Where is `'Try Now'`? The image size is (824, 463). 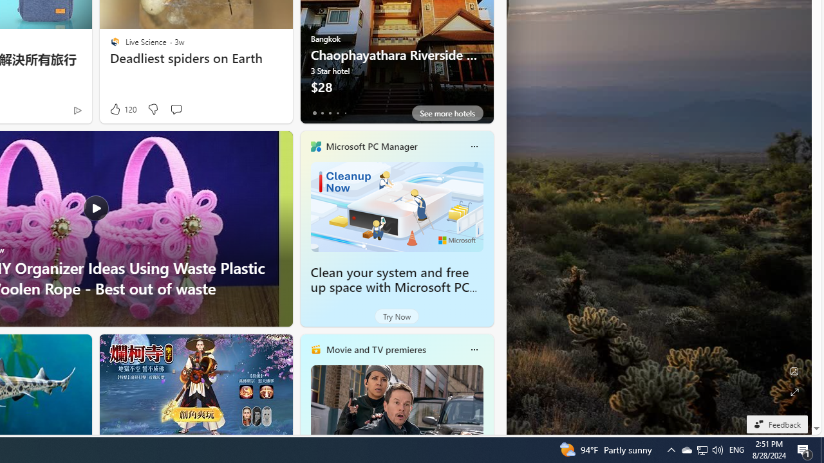
'Try Now' is located at coordinates (396, 316).